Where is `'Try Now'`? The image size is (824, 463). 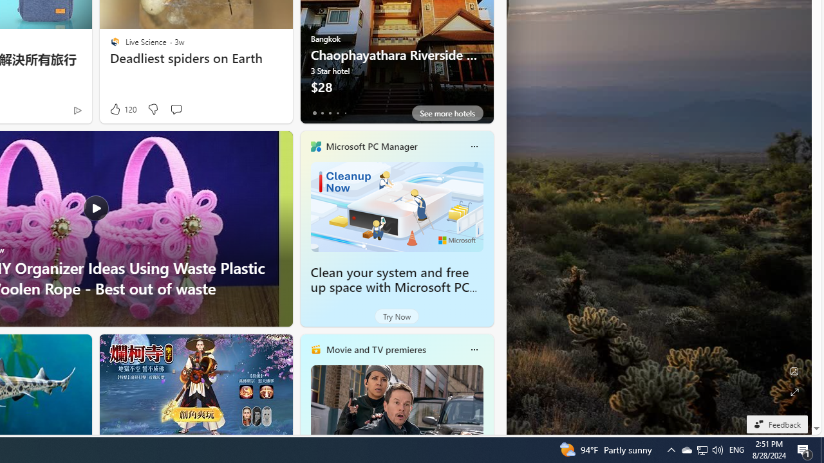
'Try Now' is located at coordinates (396, 316).